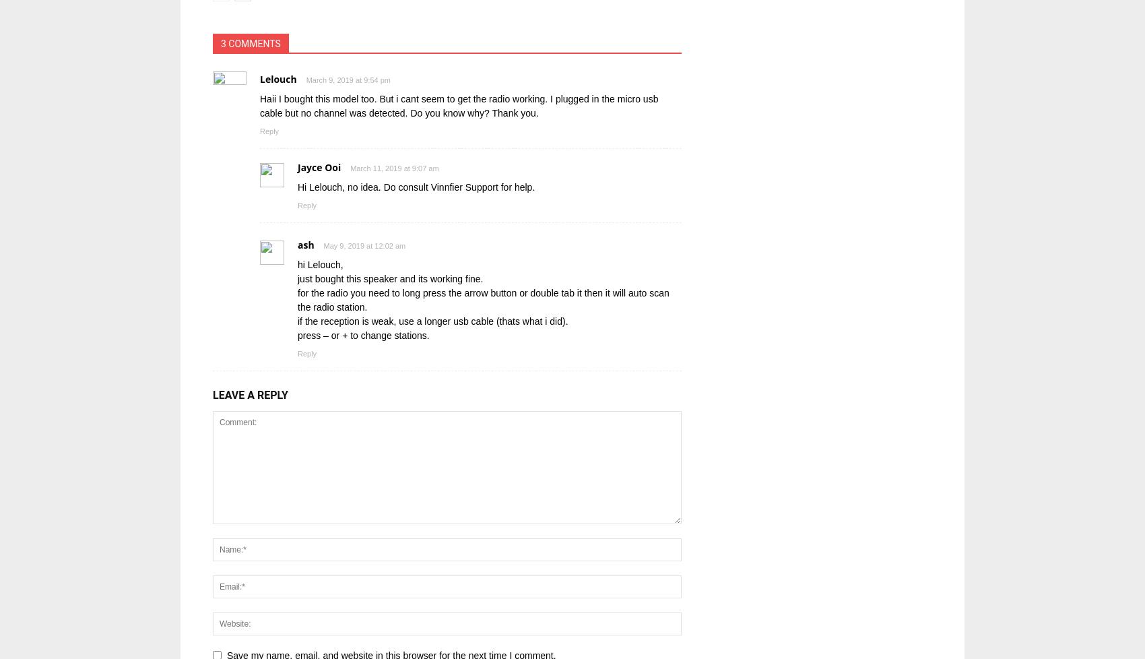  I want to click on 'Haii I bought this model too. But i cant seem to get the radio working. I plugged in the micro usb cable but no channel was detected. Do you know why? Thank you.', so click(459, 106).